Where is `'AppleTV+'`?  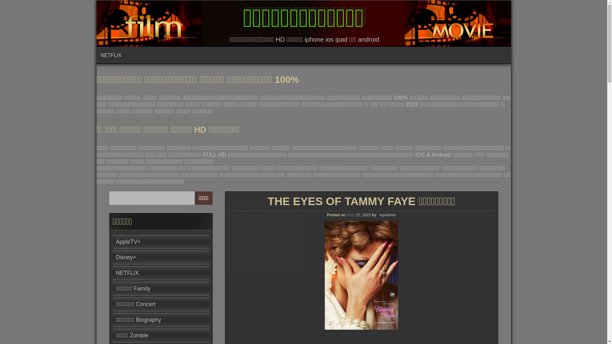 'AppleTV+' is located at coordinates (128, 242).